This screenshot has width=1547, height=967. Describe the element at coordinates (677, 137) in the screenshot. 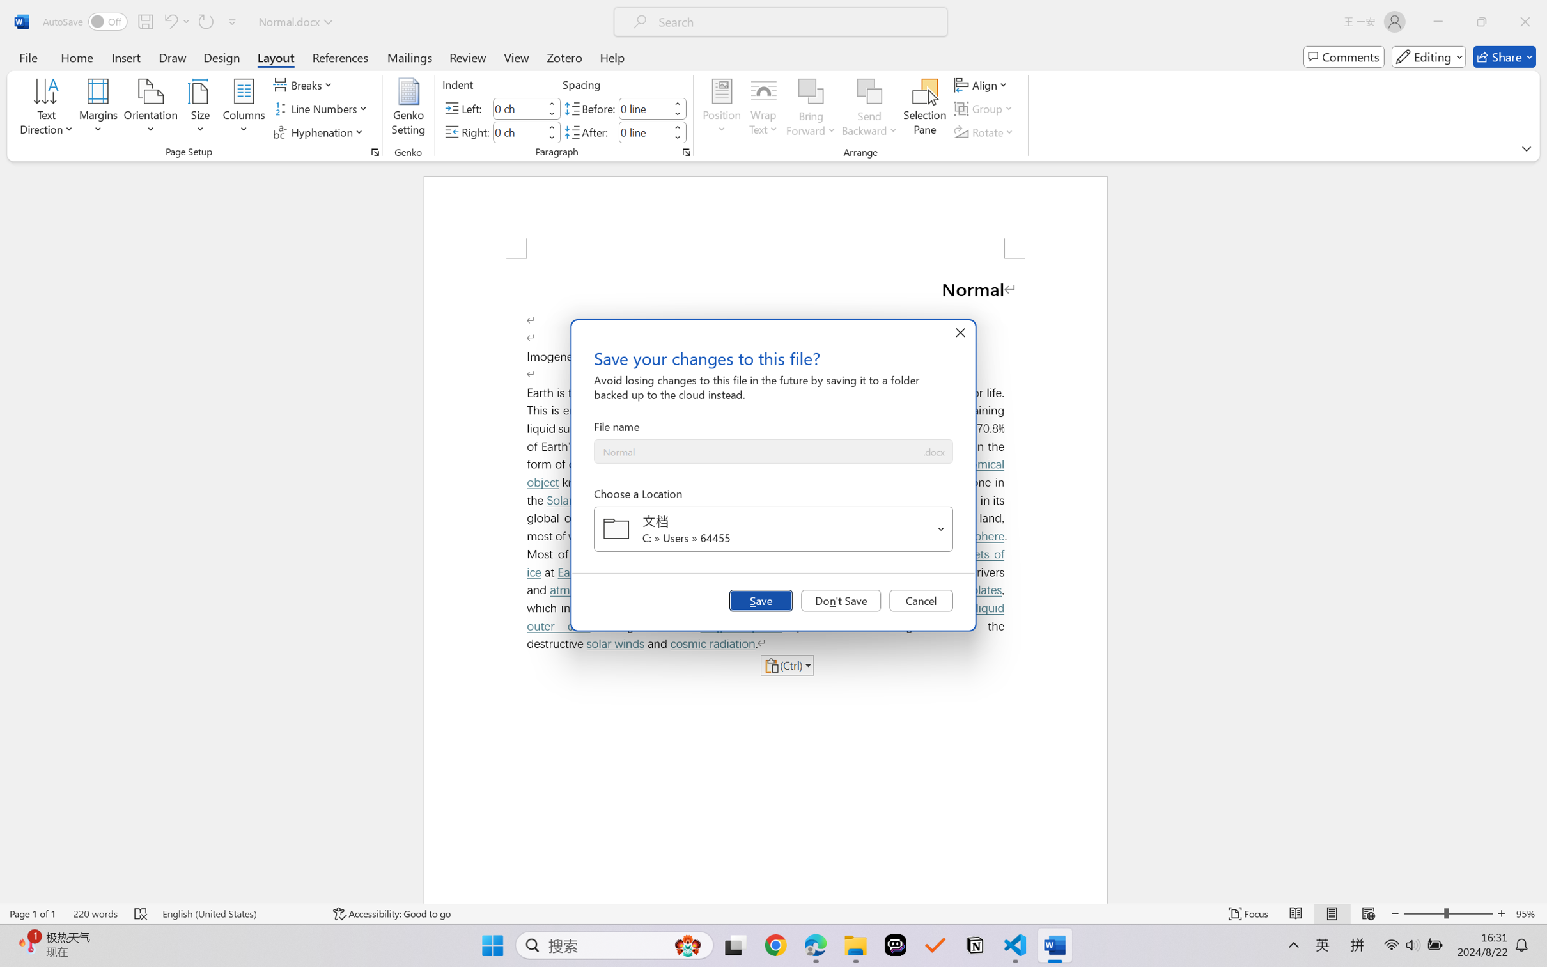

I see `'Less'` at that location.